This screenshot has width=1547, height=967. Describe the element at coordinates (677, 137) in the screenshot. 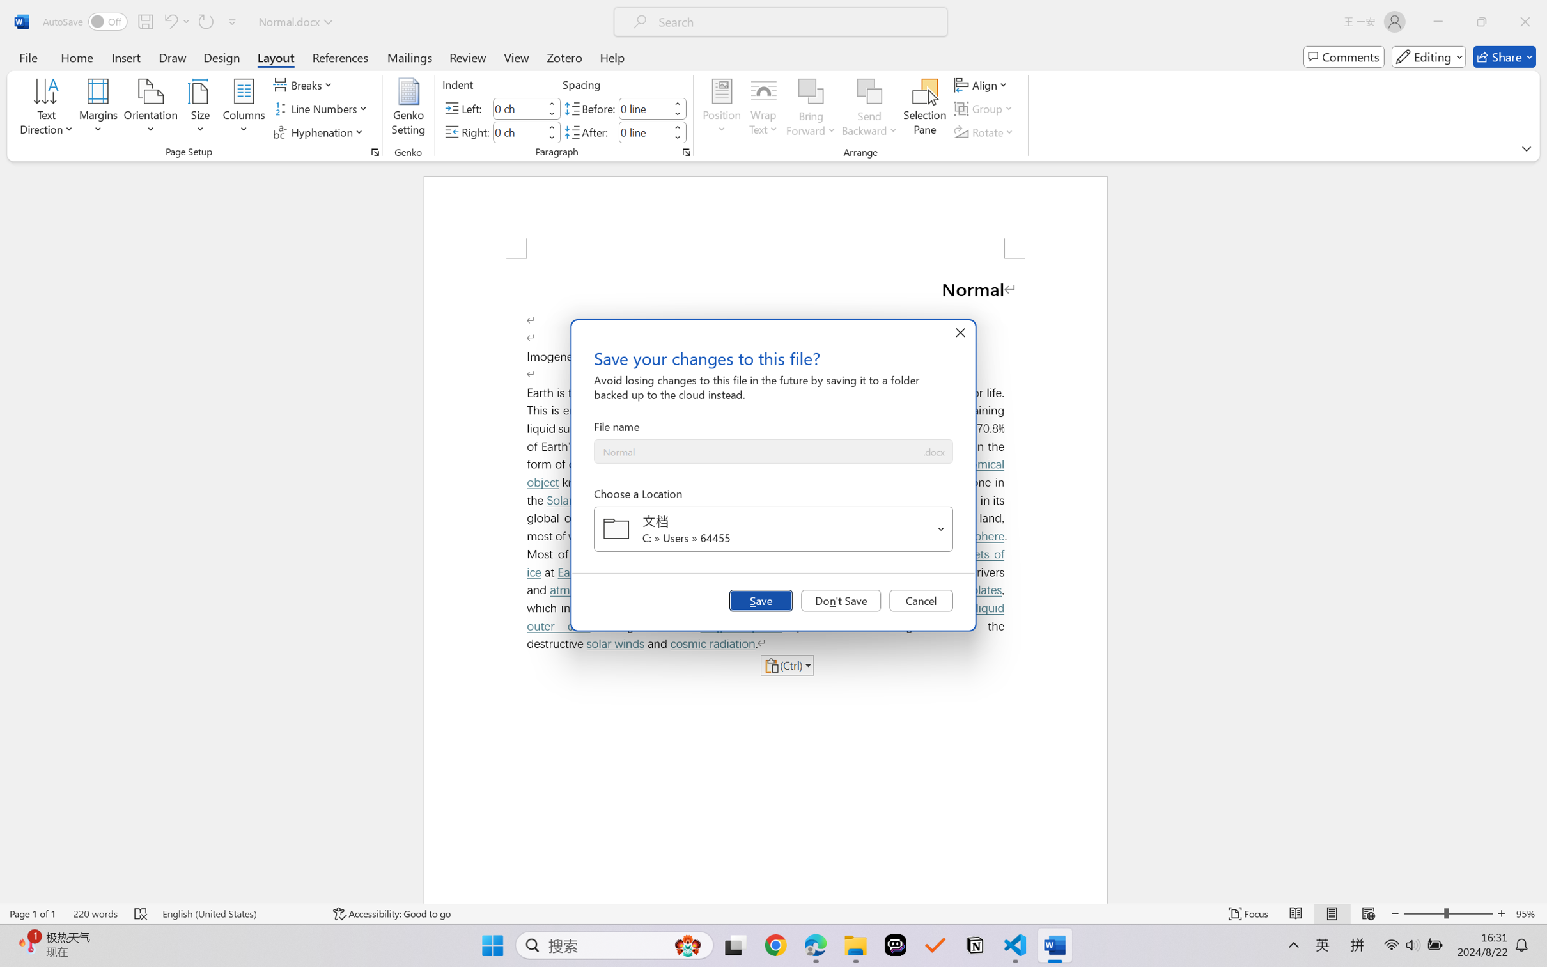

I see `'Less'` at that location.